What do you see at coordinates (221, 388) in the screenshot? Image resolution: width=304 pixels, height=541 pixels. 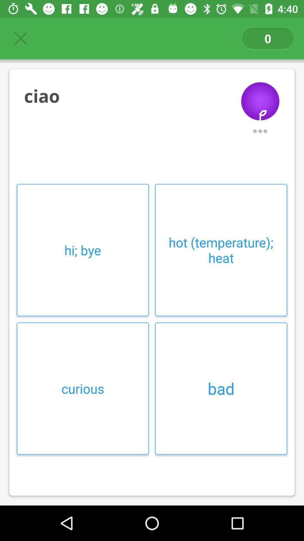 I see `bad item` at bounding box center [221, 388].